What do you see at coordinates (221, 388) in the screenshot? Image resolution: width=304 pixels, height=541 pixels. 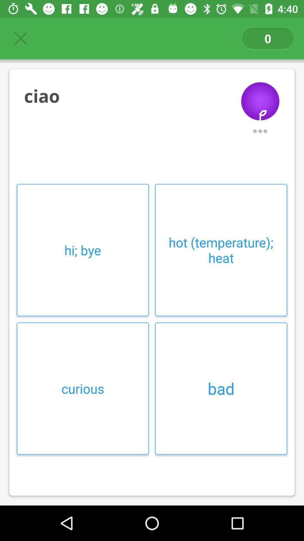 I see `bad item` at bounding box center [221, 388].